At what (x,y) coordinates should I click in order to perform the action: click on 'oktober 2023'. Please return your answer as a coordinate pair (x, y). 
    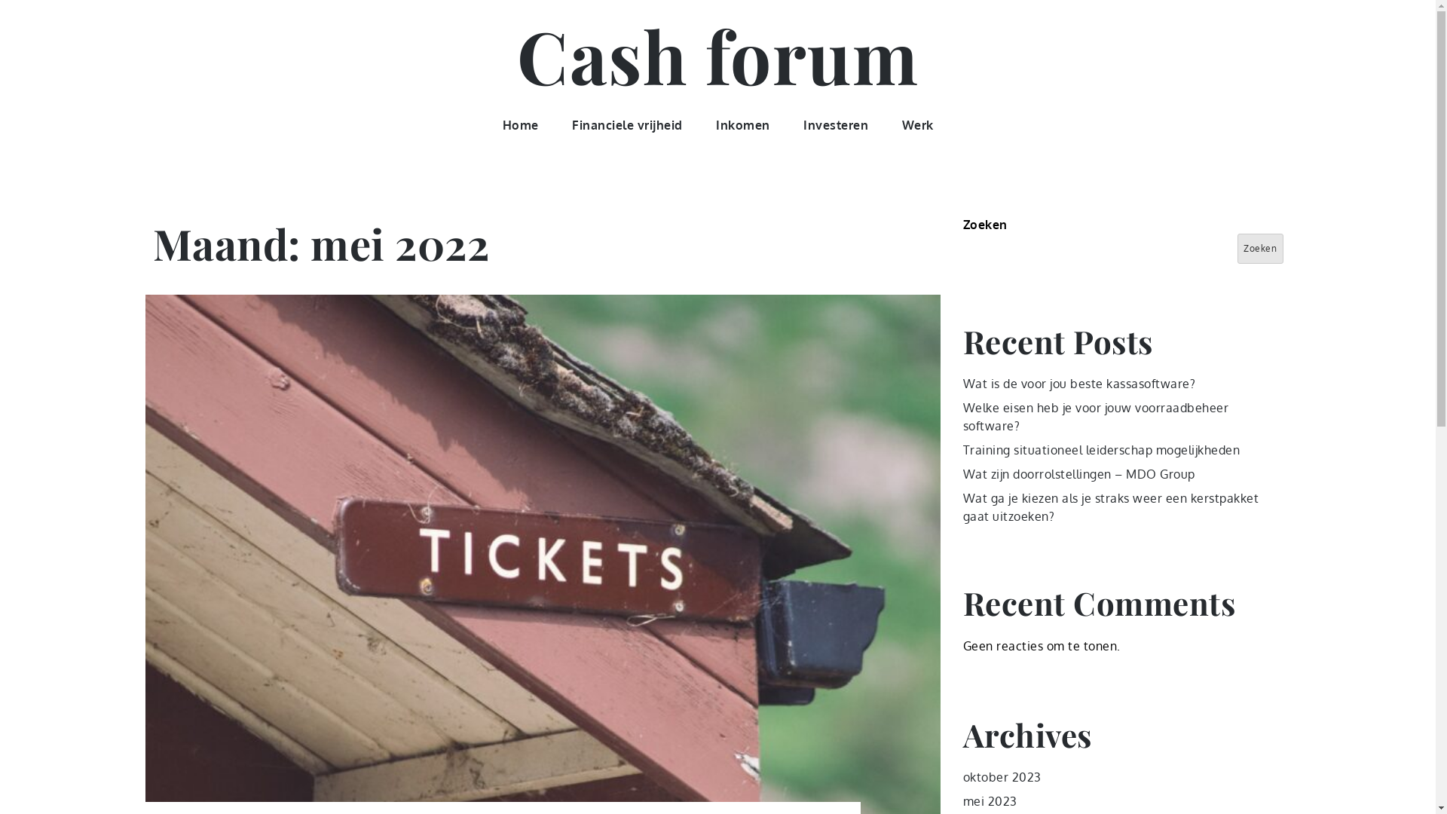
    Looking at the image, I should click on (1002, 776).